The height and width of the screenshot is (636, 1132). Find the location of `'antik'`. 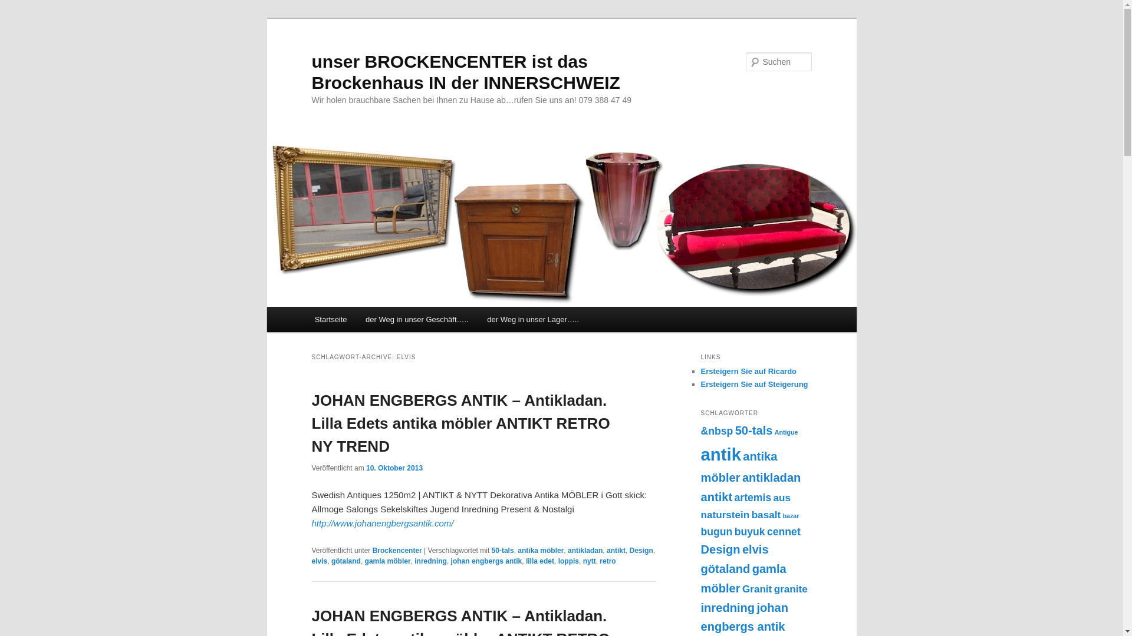

'antik' is located at coordinates (720, 453).